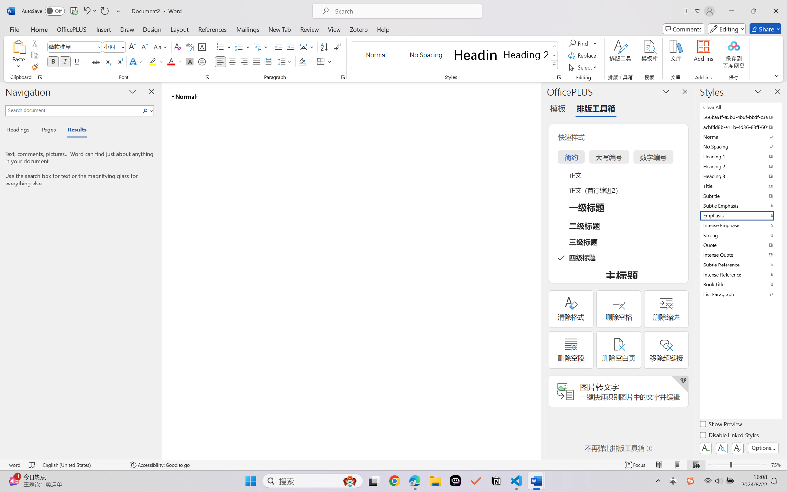 The image size is (787, 492). I want to click on 'Quick Access Toolbar', so click(72, 11).